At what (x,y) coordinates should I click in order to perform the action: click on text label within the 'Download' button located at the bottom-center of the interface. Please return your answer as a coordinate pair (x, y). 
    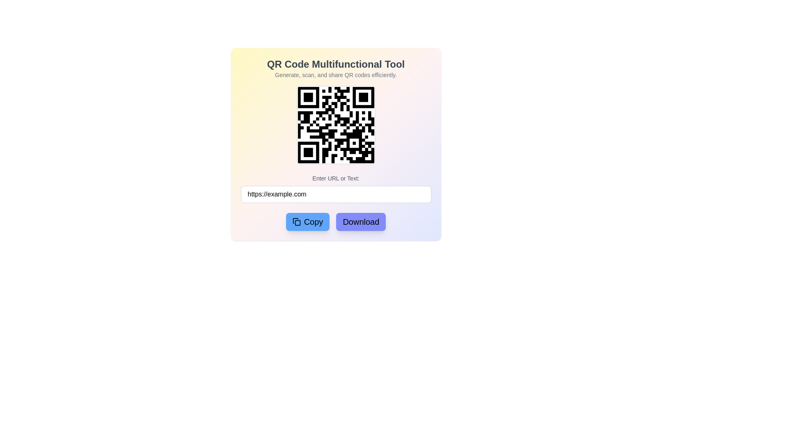
    Looking at the image, I should click on (361, 221).